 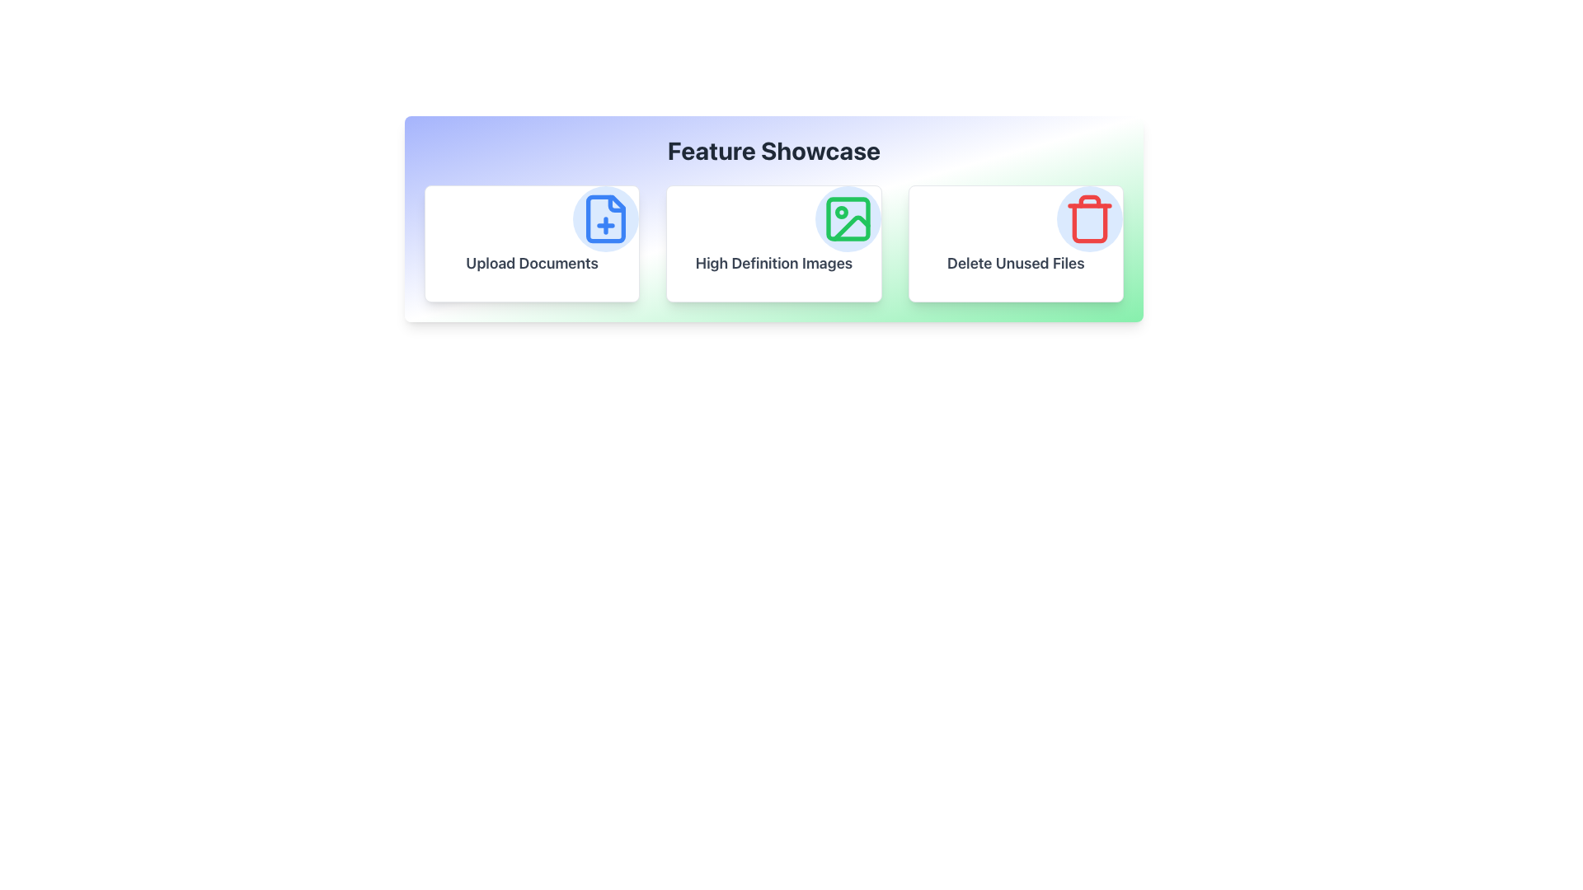 What do you see at coordinates (848, 218) in the screenshot?
I see `the decorative rectangle element with a green outline located in the top-left section of the 'High Definition Images' icon` at bounding box center [848, 218].